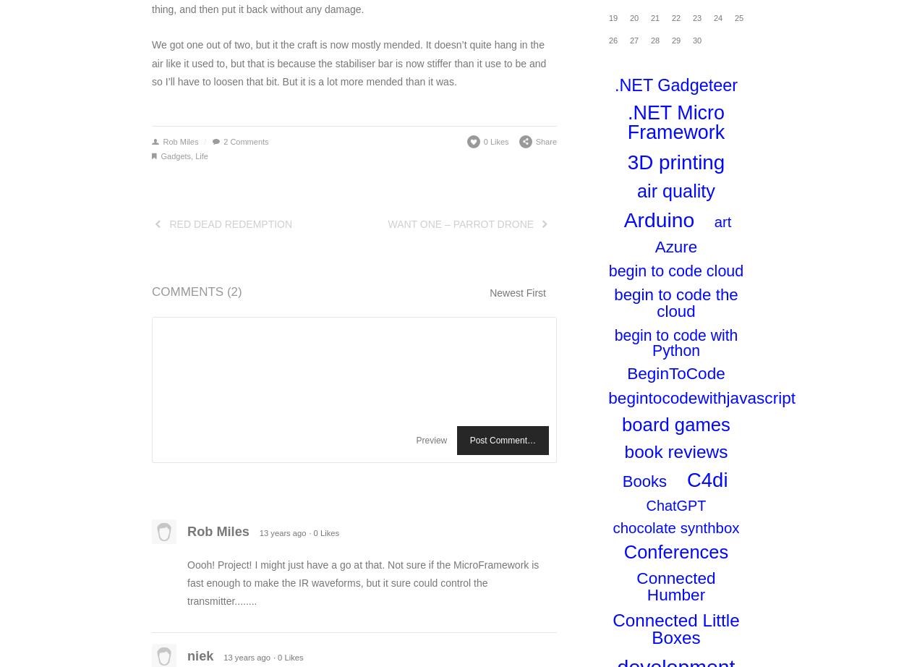 The height and width of the screenshot is (667, 904). Describe the element at coordinates (160, 156) in the screenshot. I see `'Gadgets'` at that location.